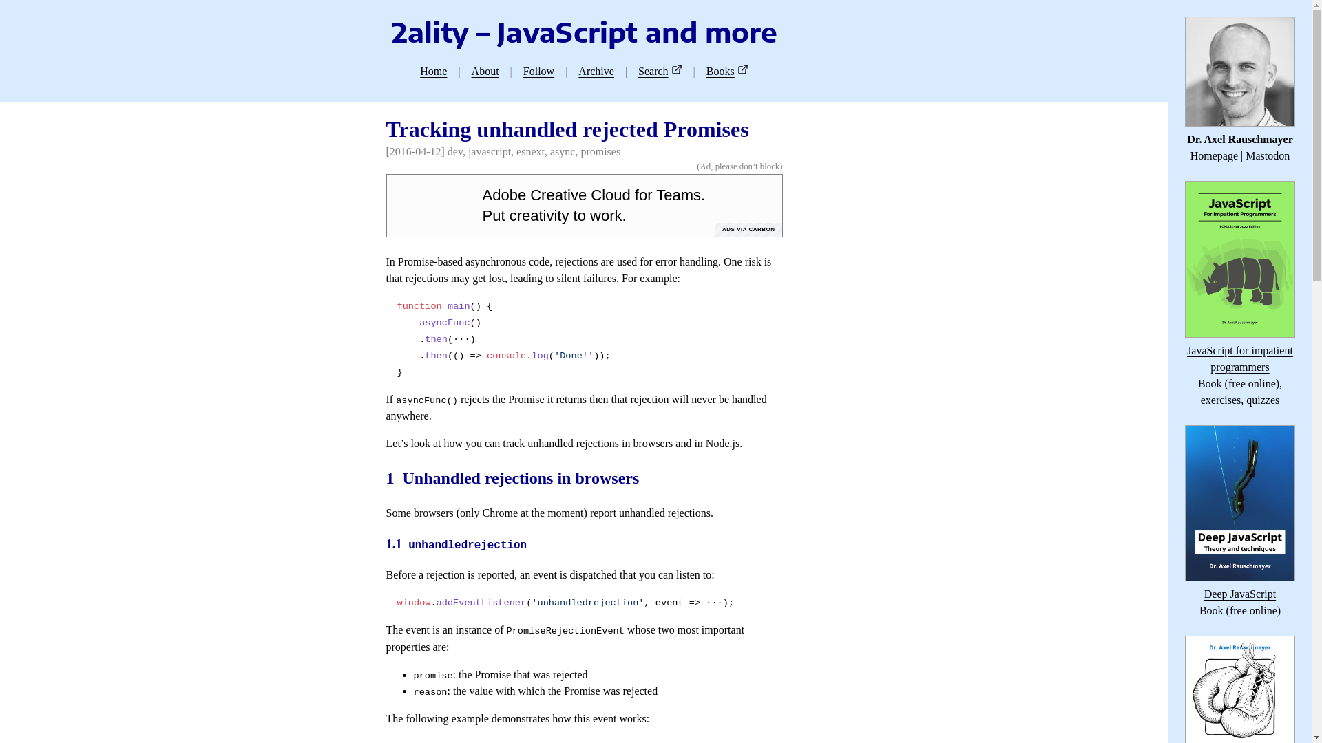 This screenshot has width=1322, height=743. I want to click on 'dev', so click(455, 151).